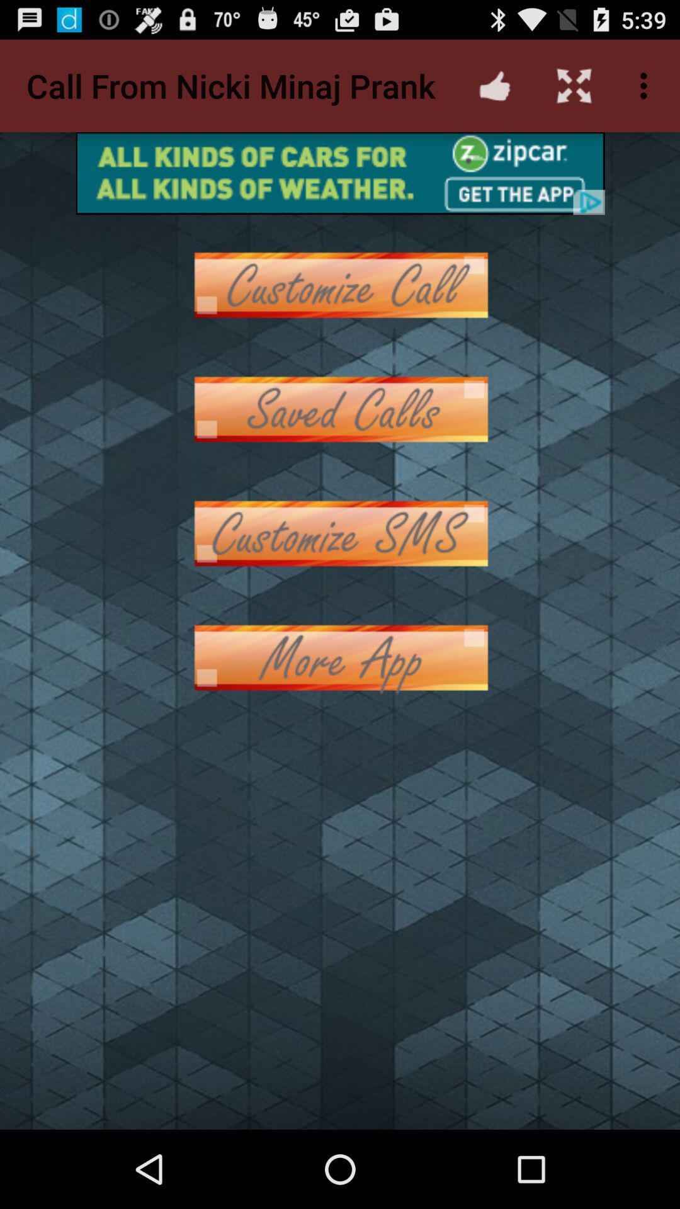 Image resolution: width=680 pixels, height=1209 pixels. I want to click on options button, so click(340, 409).